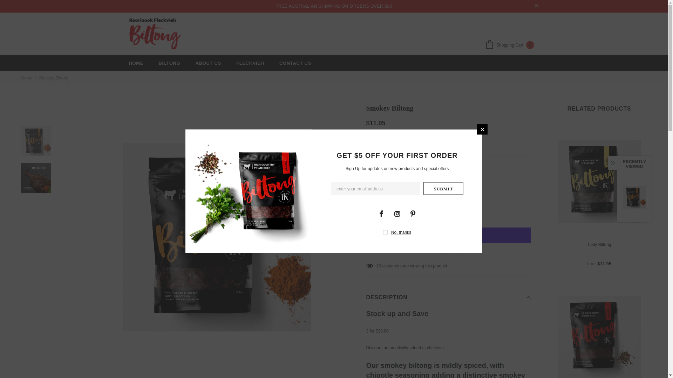 This screenshot has width=673, height=378. What do you see at coordinates (208, 62) in the screenshot?
I see `'ABOUT US'` at bounding box center [208, 62].